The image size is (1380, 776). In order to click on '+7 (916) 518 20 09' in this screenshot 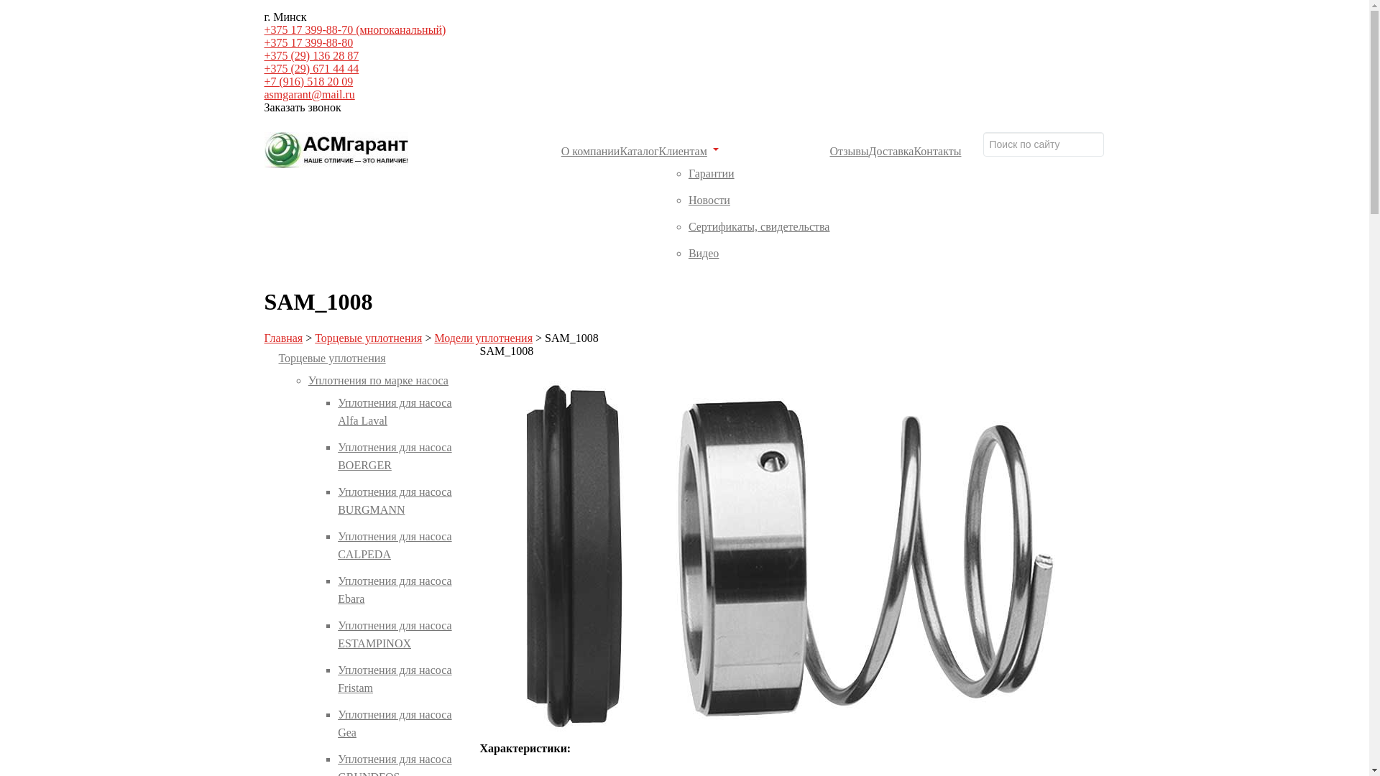, I will do `click(308, 81)`.